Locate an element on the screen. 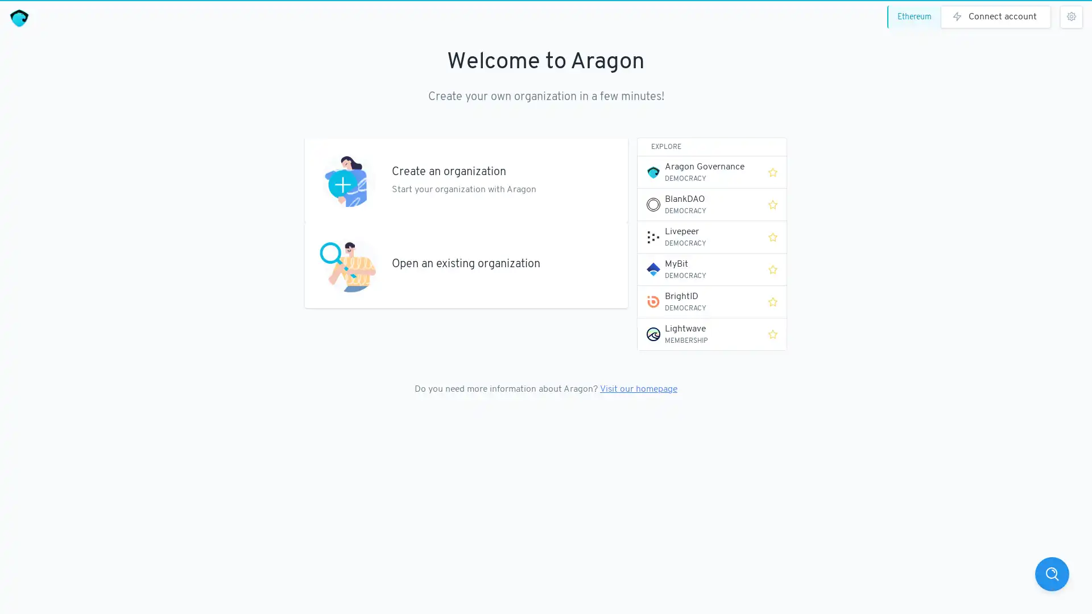  BrightID DEMOCRACY is located at coordinates (698, 301).